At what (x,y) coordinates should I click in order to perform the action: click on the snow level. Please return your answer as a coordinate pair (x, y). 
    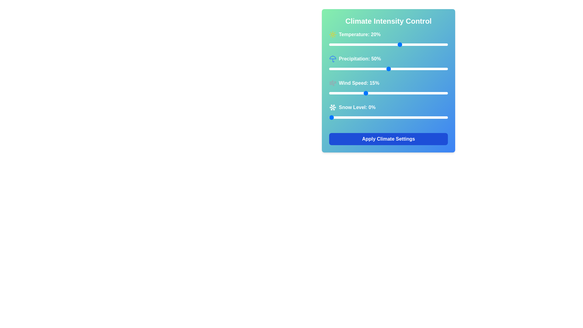
    Looking at the image, I should click on (425, 117).